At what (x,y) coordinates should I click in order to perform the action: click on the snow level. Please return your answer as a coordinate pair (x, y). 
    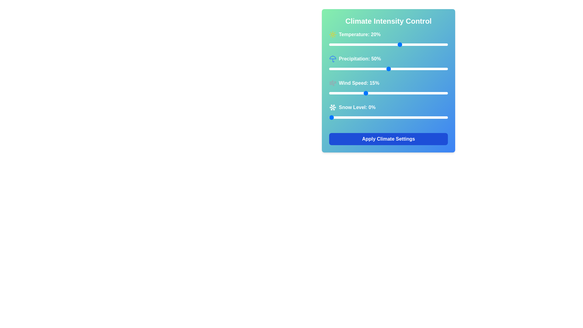
    Looking at the image, I should click on (425, 117).